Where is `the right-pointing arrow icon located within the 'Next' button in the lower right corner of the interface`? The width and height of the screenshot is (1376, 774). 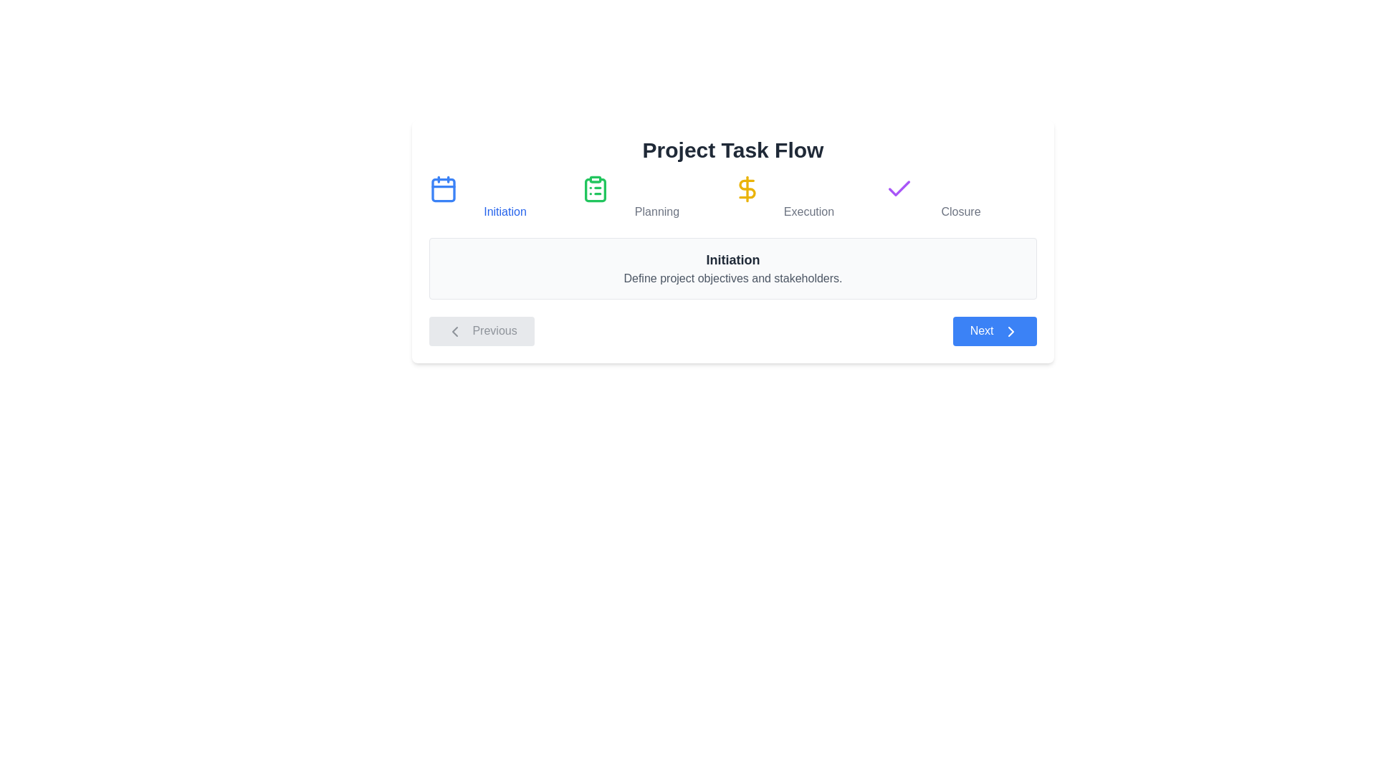
the right-pointing arrow icon located within the 'Next' button in the lower right corner of the interface is located at coordinates (1010, 331).